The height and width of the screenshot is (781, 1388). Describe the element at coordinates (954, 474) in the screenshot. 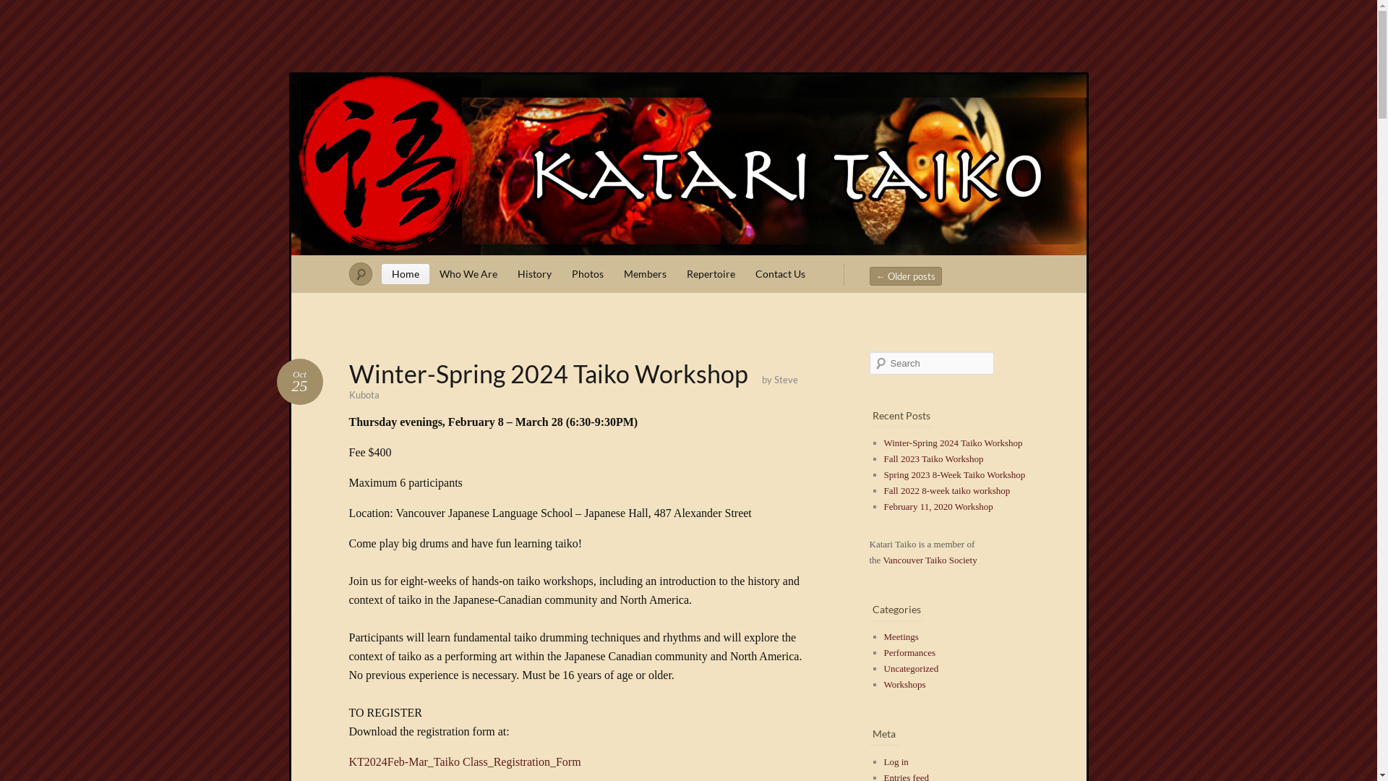

I see `'Spring 2023 8-Week Taiko Workshop'` at that location.